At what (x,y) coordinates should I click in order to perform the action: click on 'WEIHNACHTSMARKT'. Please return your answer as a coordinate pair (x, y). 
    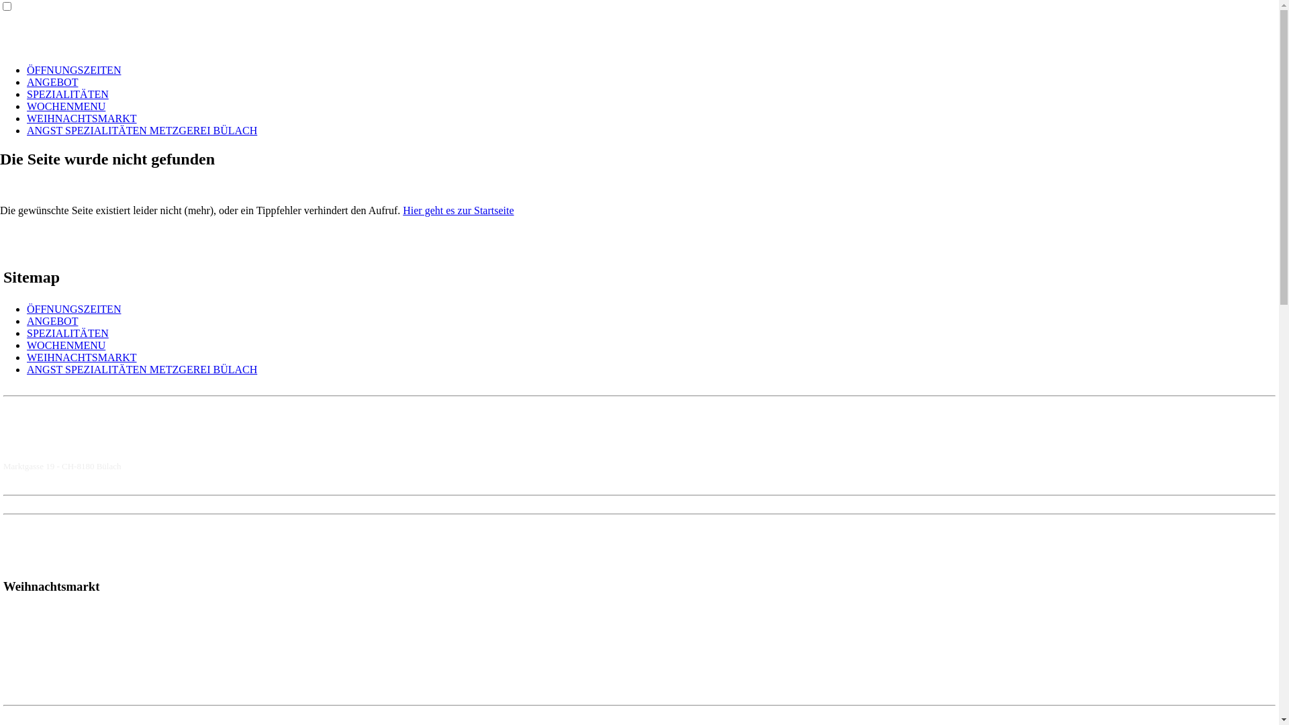
    Looking at the image, I should click on (26, 356).